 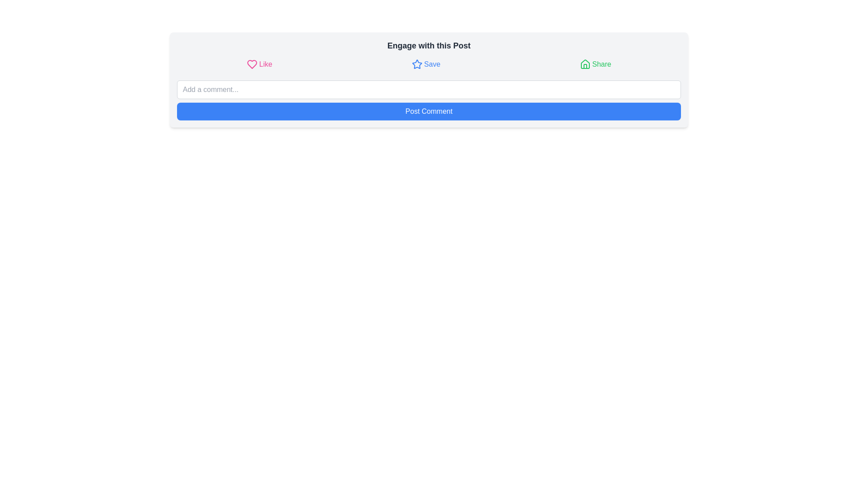 What do you see at coordinates (416, 64) in the screenshot?
I see `the star-shaped icon with a blue outline located next to the word 'Save'` at bounding box center [416, 64].